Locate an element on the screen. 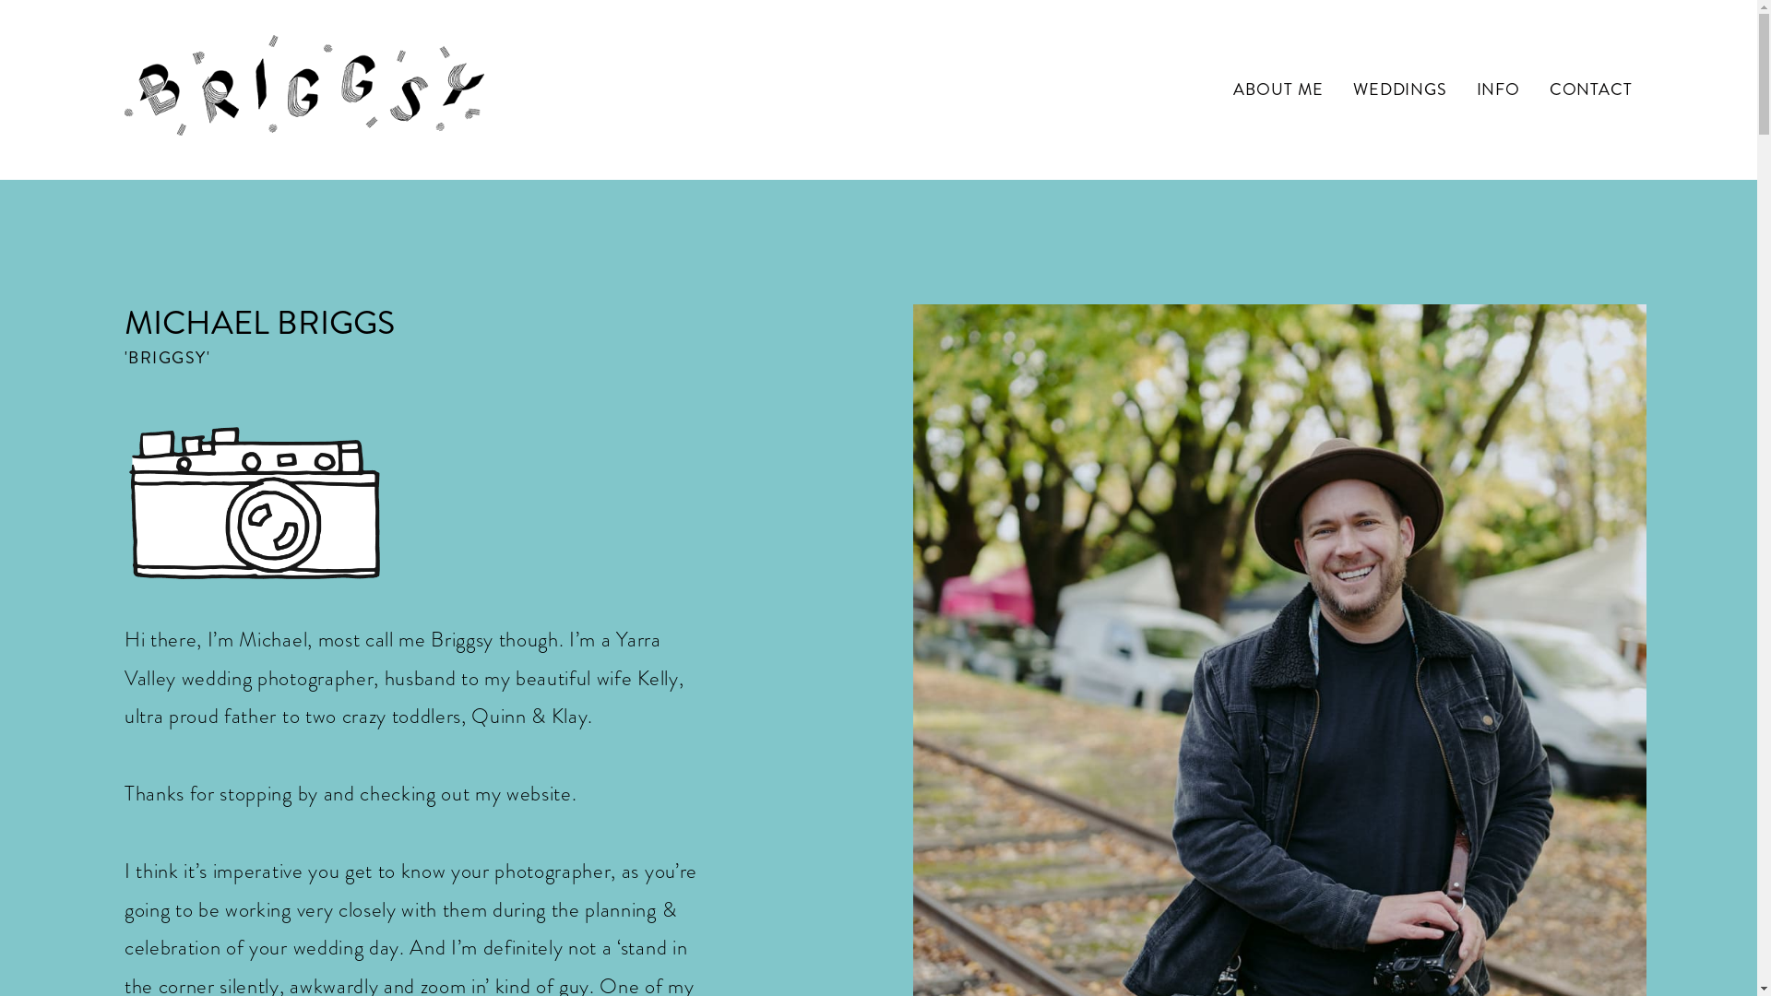 The width and height of the screenshot is (1771, 996). 'CONTACT' is located at coordinates (1589, 89).